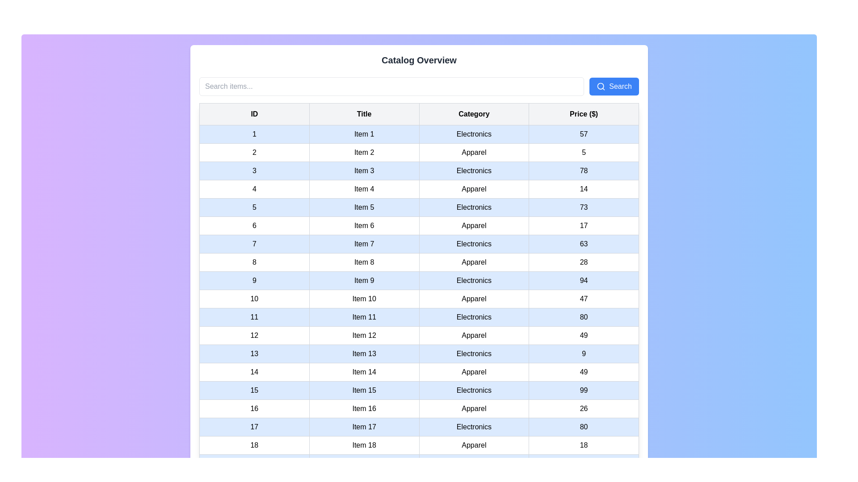 The height and width of the screenshot is (482, 858). What do you see at coordinates (584, 244) in the screenshot?
I see `the Text Display (Table Cell) displaying the number '63' in the fourth cell of the seventh row of the data table under the 'Price ($)' column` at bounding box center [584, 244].